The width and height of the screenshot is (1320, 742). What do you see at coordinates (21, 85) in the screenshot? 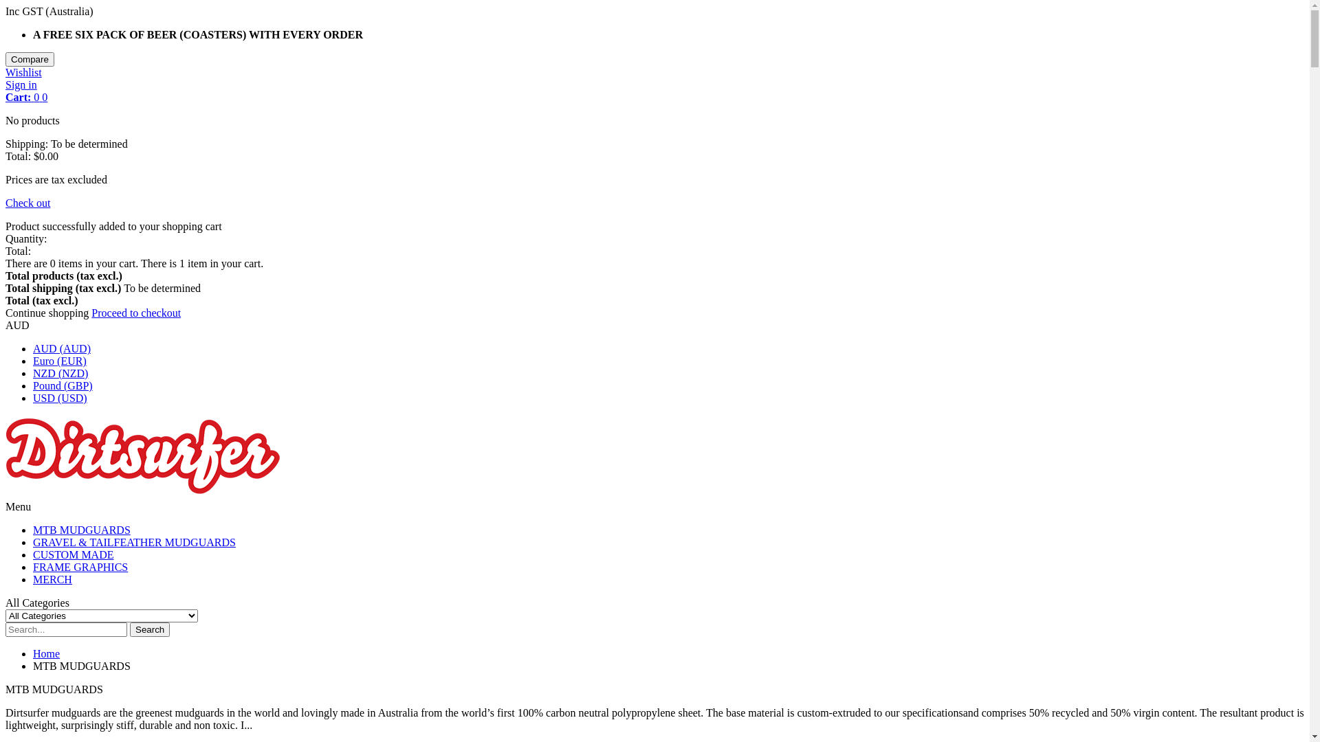
I see `'Sign in'` at bounding box center [21, 85].